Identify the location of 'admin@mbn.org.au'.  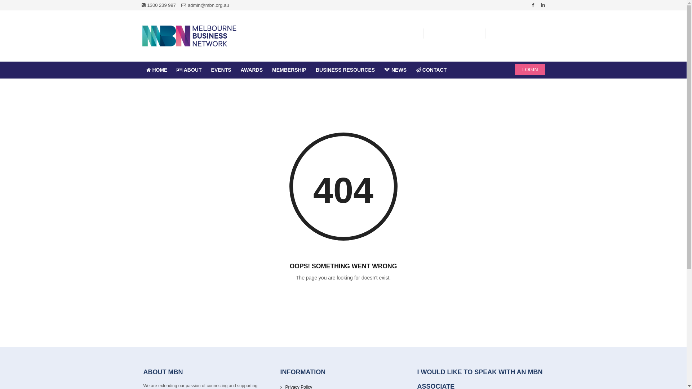
(205, 5).